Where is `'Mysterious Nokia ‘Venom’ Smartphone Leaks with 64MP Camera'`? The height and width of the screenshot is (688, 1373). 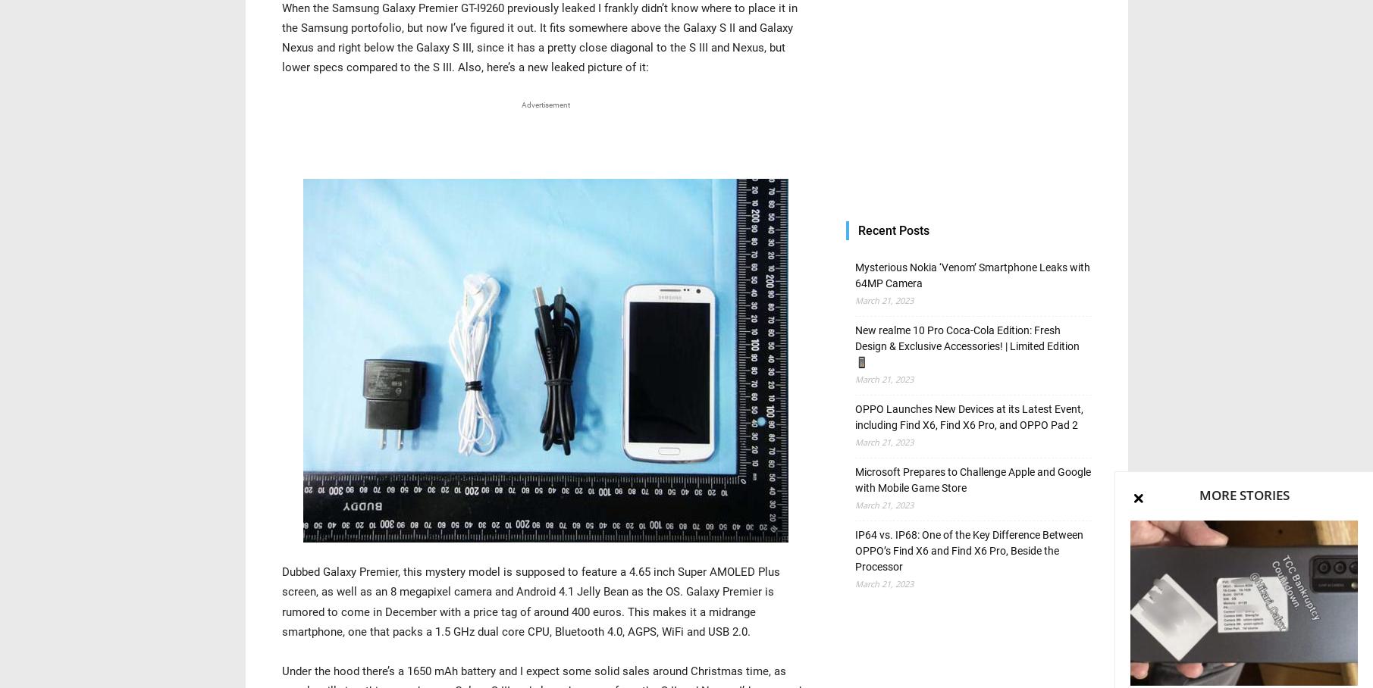
'Mysterious Nokia ‘Venom’ Smartphone Leaks with 64MP Camera' is located at coordinates (972, 275).